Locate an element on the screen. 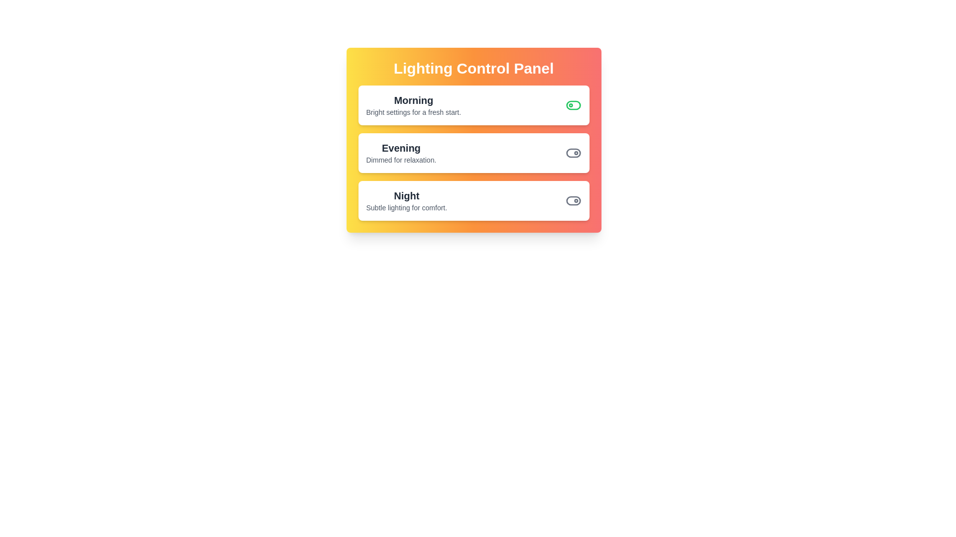 This screenshot has width=956, height=537. the scene Night is located at coordinates (573, 201).